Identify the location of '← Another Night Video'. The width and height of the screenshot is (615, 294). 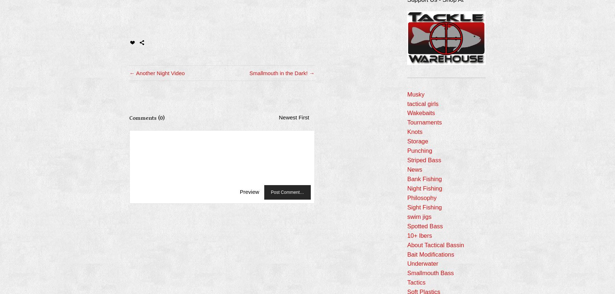
(129, 73).